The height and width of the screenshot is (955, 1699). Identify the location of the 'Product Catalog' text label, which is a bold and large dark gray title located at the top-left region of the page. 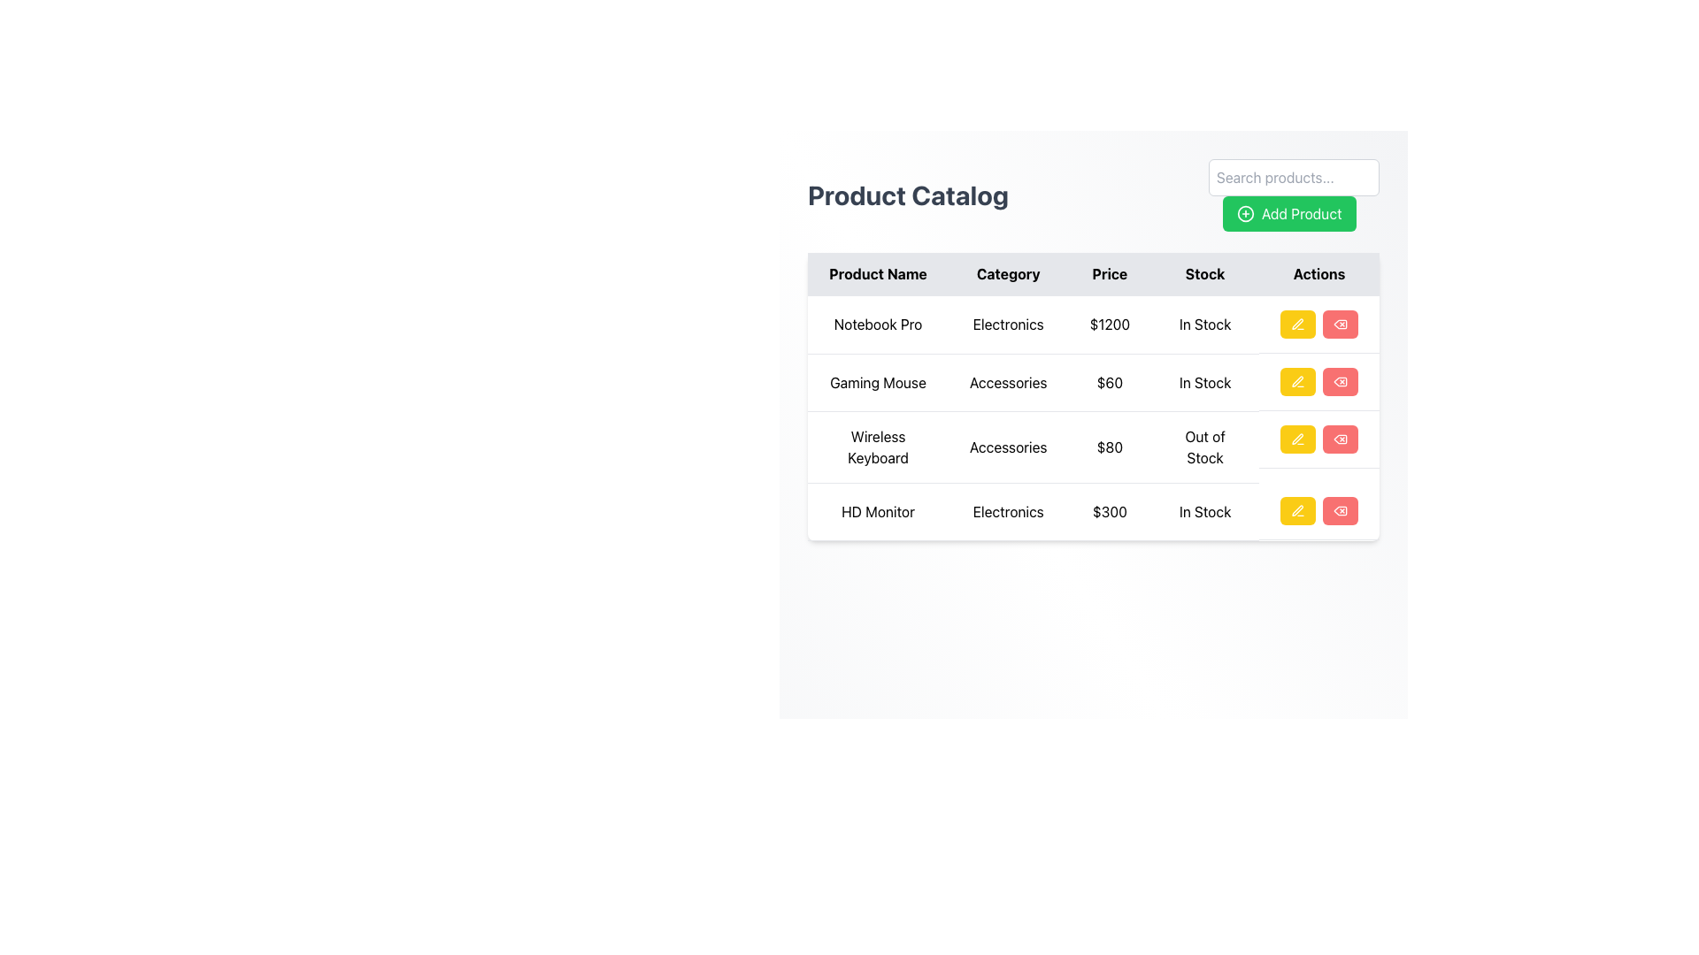
(908, 195).